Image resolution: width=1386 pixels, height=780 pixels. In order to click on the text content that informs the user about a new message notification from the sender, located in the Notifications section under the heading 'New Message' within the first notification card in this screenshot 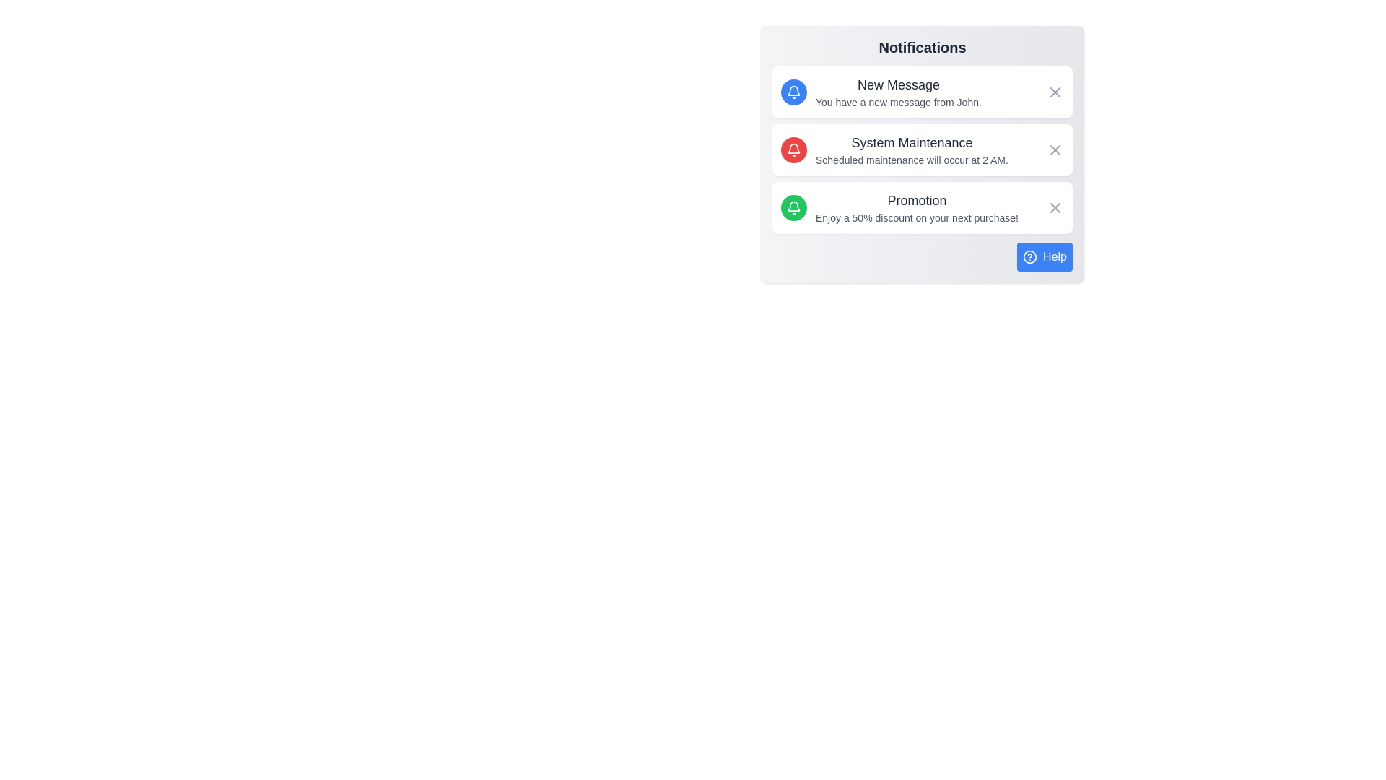, I will do `click(897, 102)`.